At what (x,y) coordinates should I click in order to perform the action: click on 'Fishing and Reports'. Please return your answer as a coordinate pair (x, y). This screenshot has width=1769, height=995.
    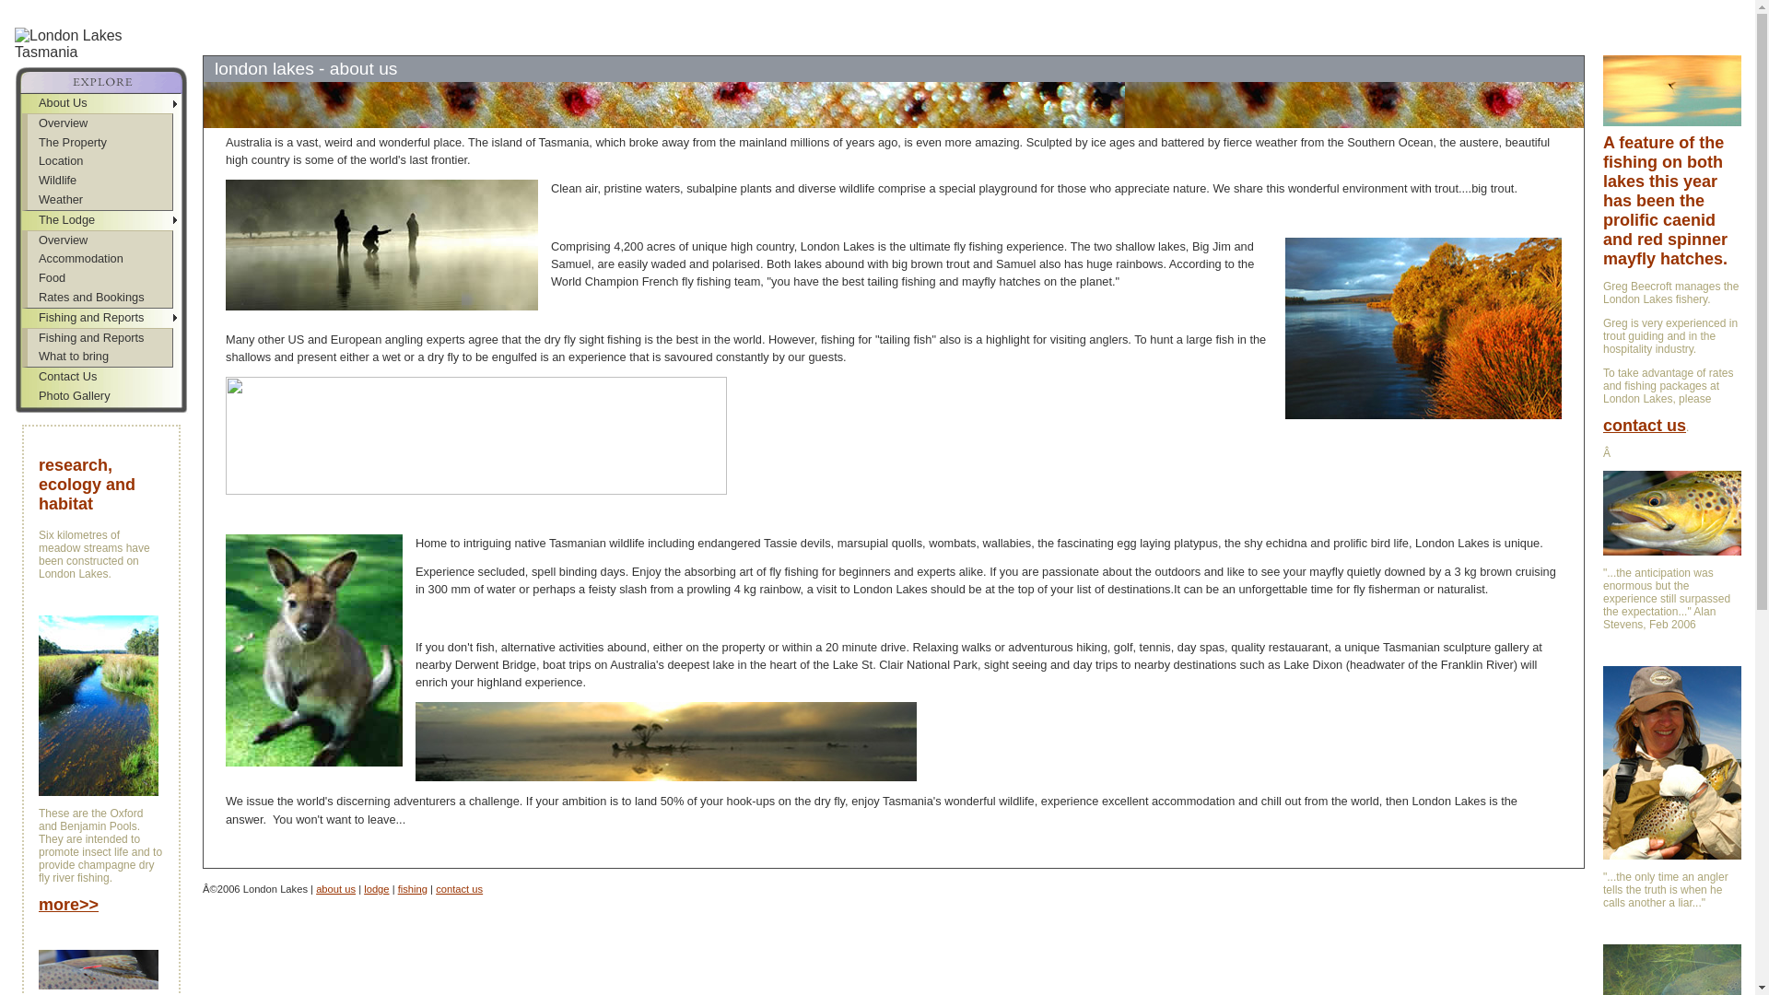
    Looking at the image, I should click on (99, 338).